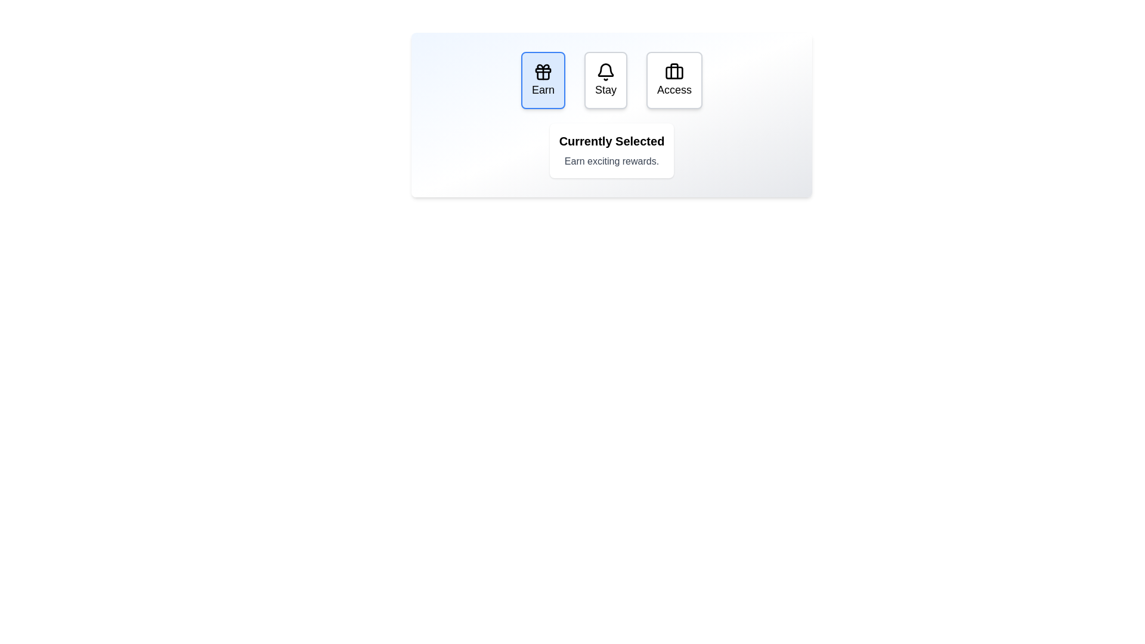  What do you see at coordinates (543, 72) in the screenshot?
I see `gift box icon located at the top center of the card labeled 'Earn', which is characterized by its minimalistic design and is positioned directly above the text 'Earn'` at bounding box center [543, 72].